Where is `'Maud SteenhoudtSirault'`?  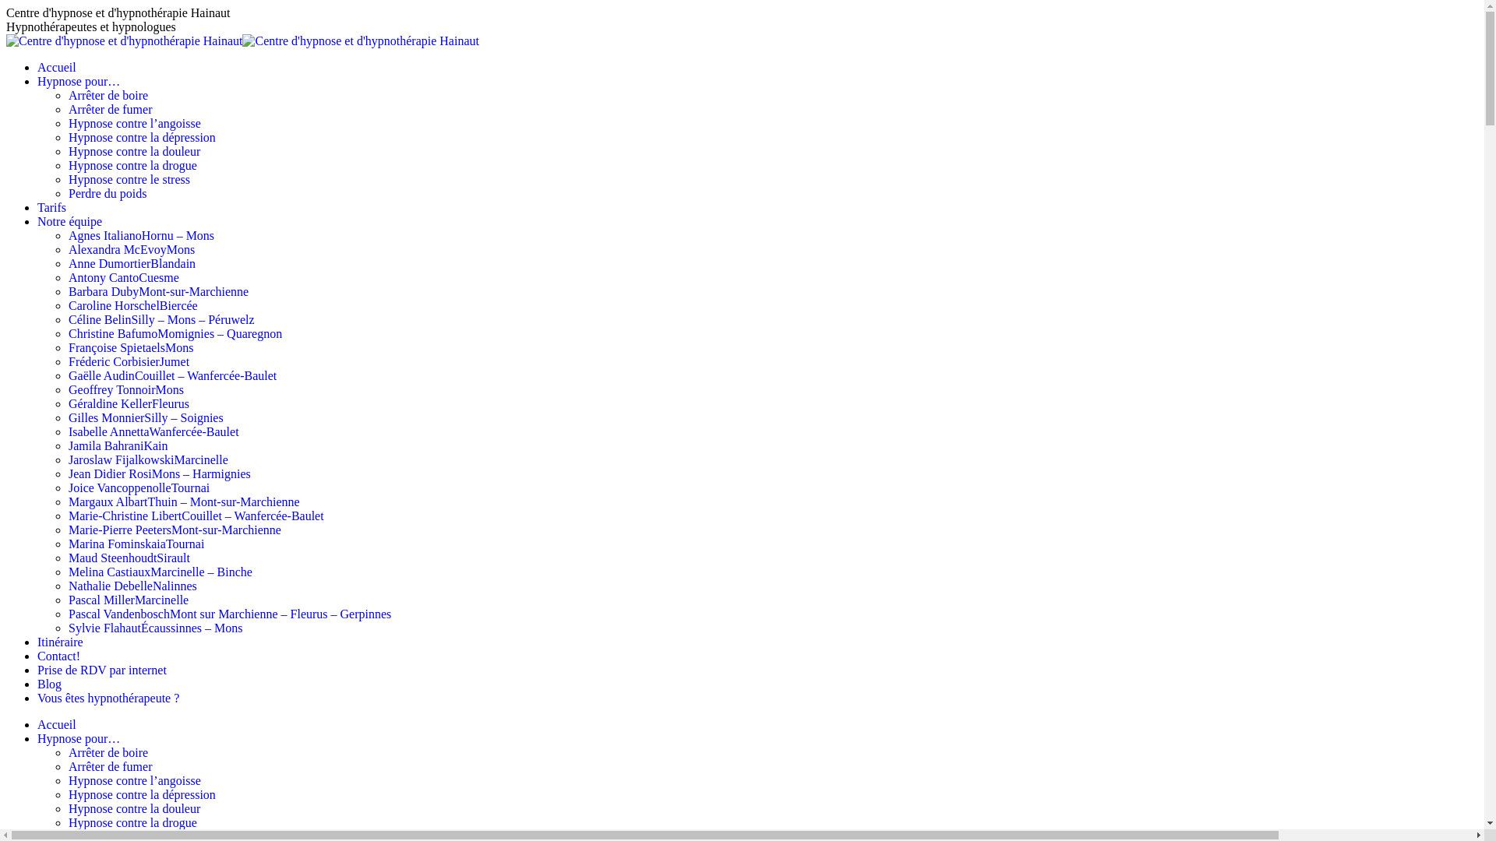 'Maud SteenhoudtSirault' is located at coordinates (129, 557).